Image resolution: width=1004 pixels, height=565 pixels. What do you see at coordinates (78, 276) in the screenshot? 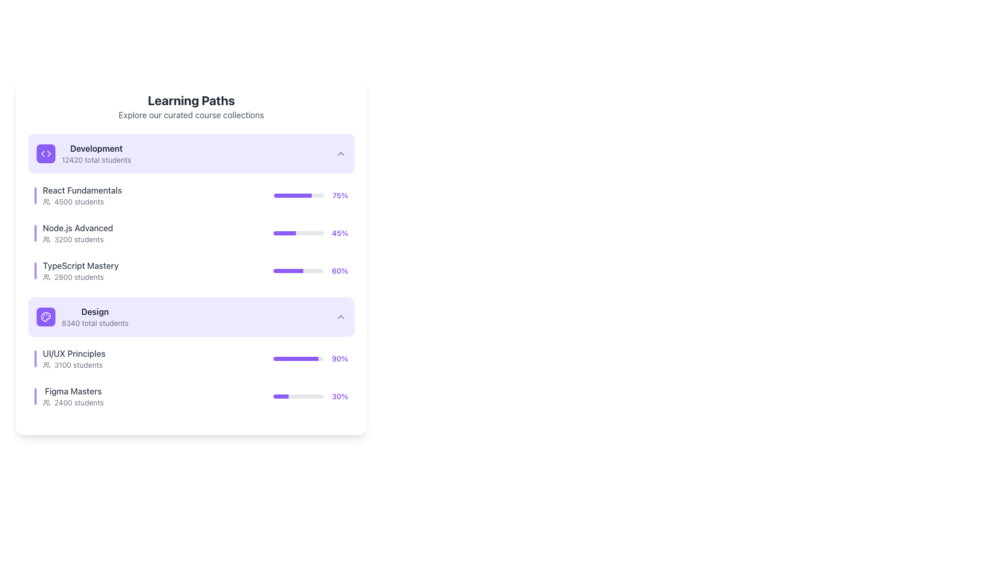
I see `the text display showing '2800 students' related to the 'TypeScript Mastery' course, which is the third entry in the list of courses under the 'Development' section` at bounding box center [78, 276].